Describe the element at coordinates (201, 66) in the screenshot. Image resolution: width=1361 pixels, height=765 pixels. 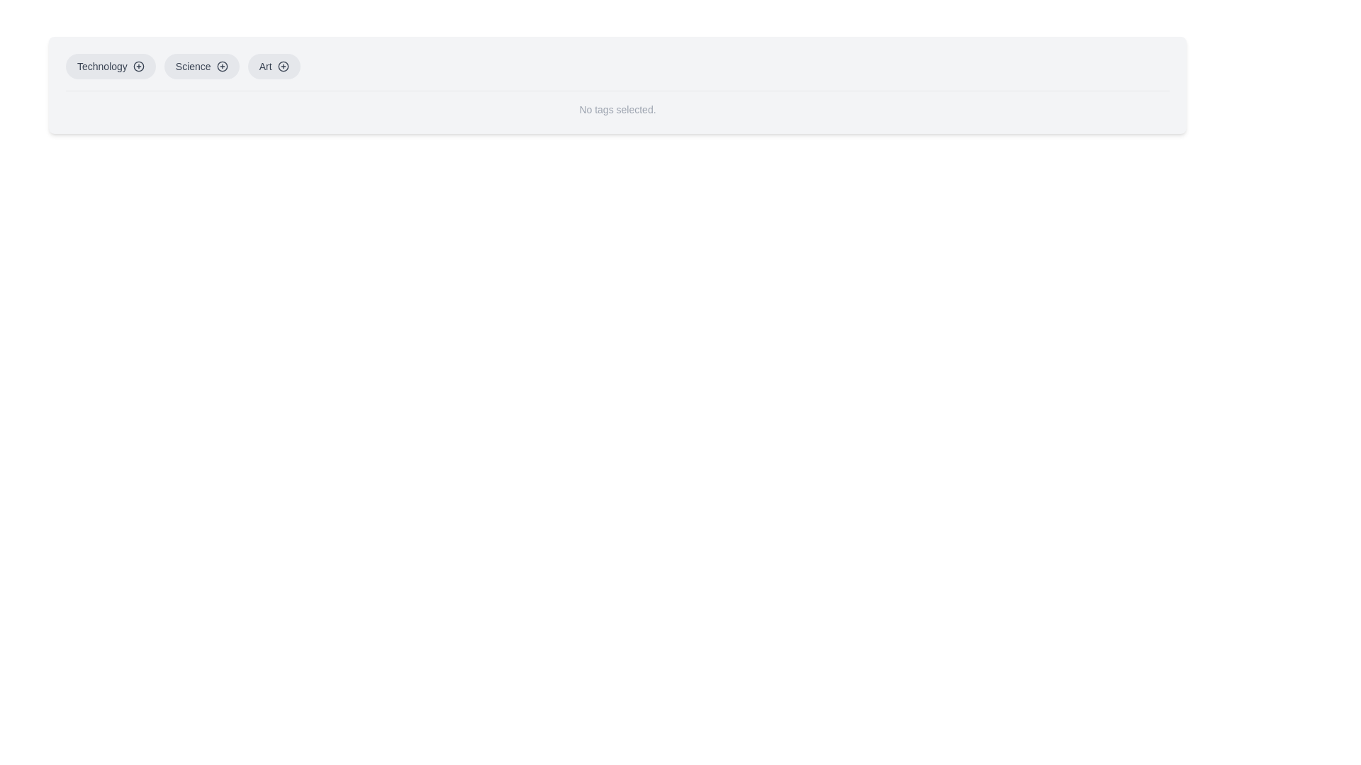
I see `the 'Science' button, which is a rounded rectangular button with a light gray background and a '+' icon on the right` at that location.